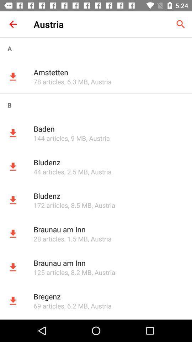  What do you see at coordinates (48, 82) in the screenshot?
I see `app next to the , 6.3 mb item` at bounding box center [48, 82].